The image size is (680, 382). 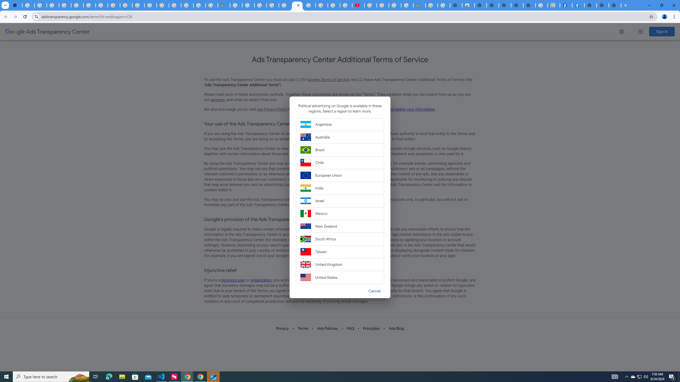 What do you see at coordinates (340, 213) in the screenshot?
I see `'Mexico'` at bounding box center [340, 213].